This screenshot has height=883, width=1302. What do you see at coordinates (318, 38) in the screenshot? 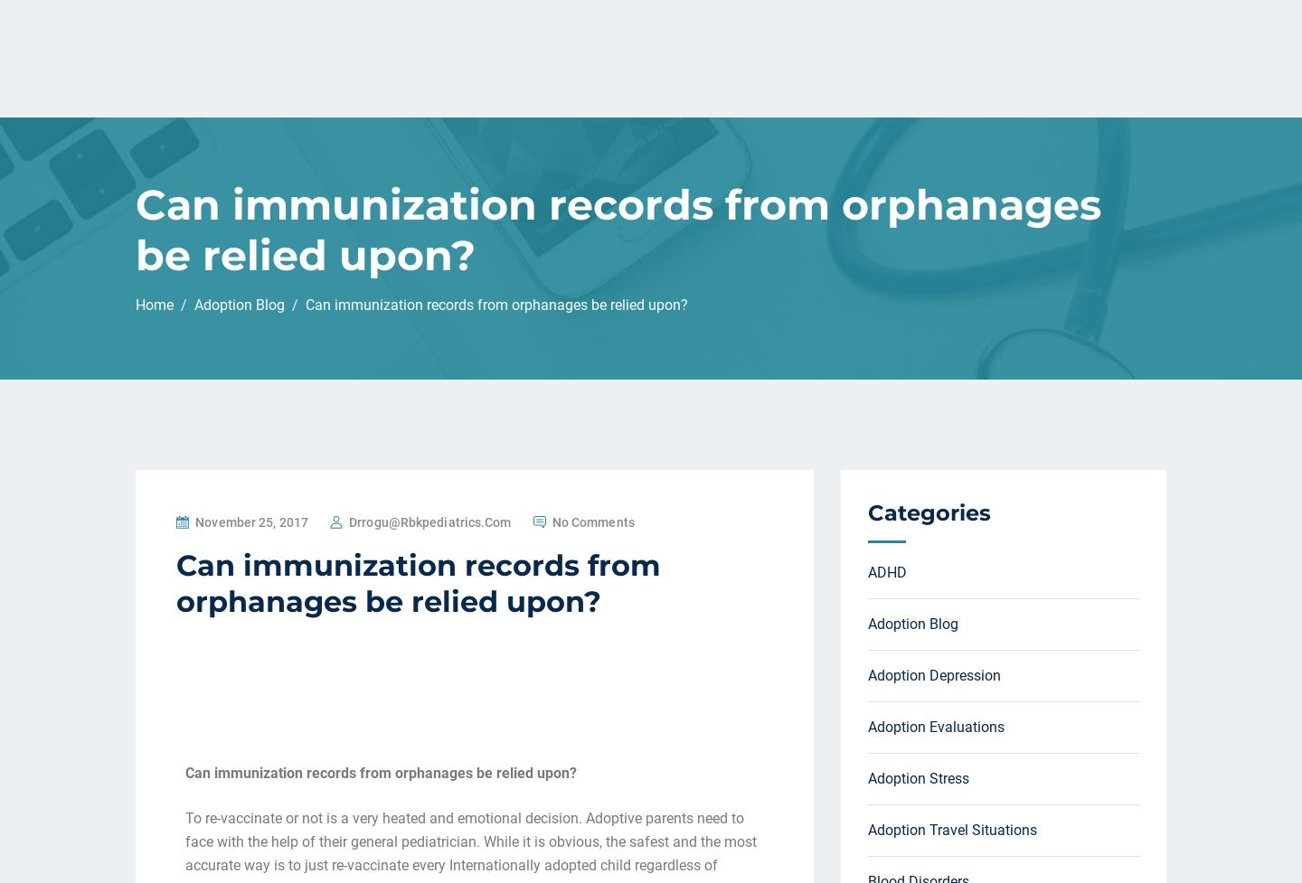
I see `'Home'` at bounding box center [318, 38].